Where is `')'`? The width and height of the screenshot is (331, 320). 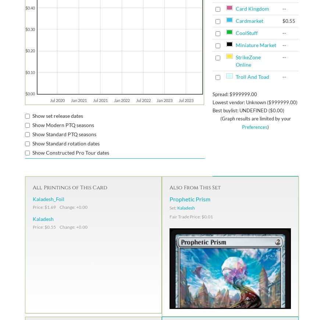
')' is located at coordinates (267, 126).